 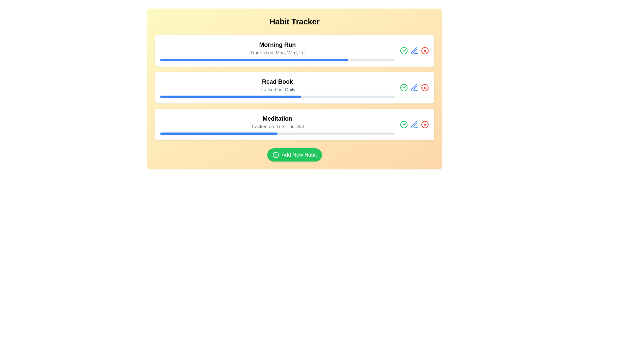 What do you see at coordinates (171, 97) in the screenshot?
I see `the progress bar` at bounding box center [171, 97].